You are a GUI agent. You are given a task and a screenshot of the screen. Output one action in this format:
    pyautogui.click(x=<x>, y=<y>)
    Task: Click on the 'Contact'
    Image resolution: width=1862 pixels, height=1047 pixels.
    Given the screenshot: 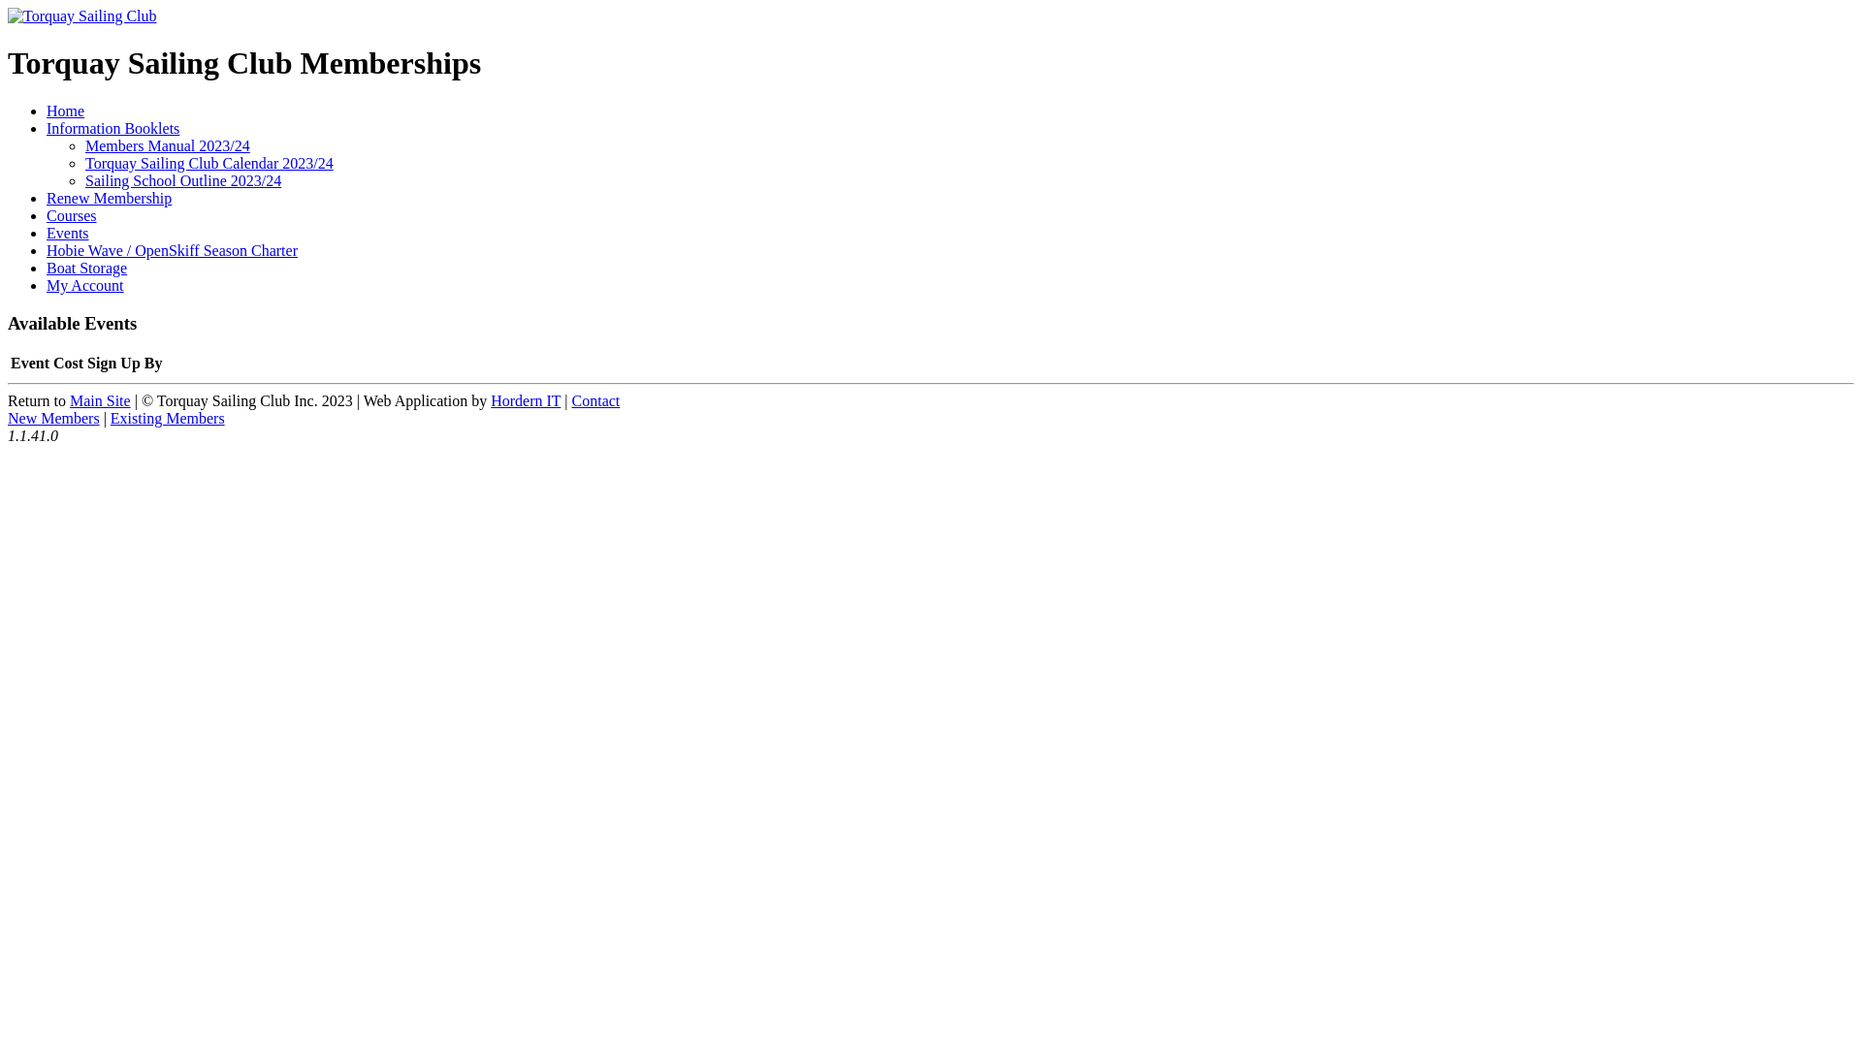 What is the action you would take?
    pyautogui.click(x=594, y=399)
    